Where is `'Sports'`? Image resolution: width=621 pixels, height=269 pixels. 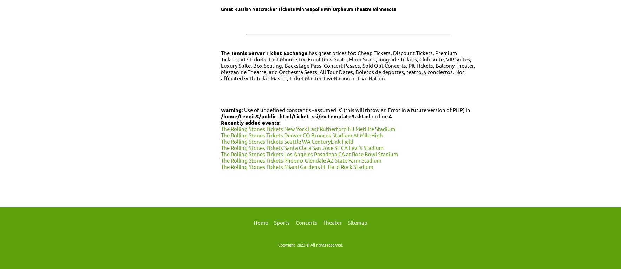 'Sports' is located at coordinates (282, 222).